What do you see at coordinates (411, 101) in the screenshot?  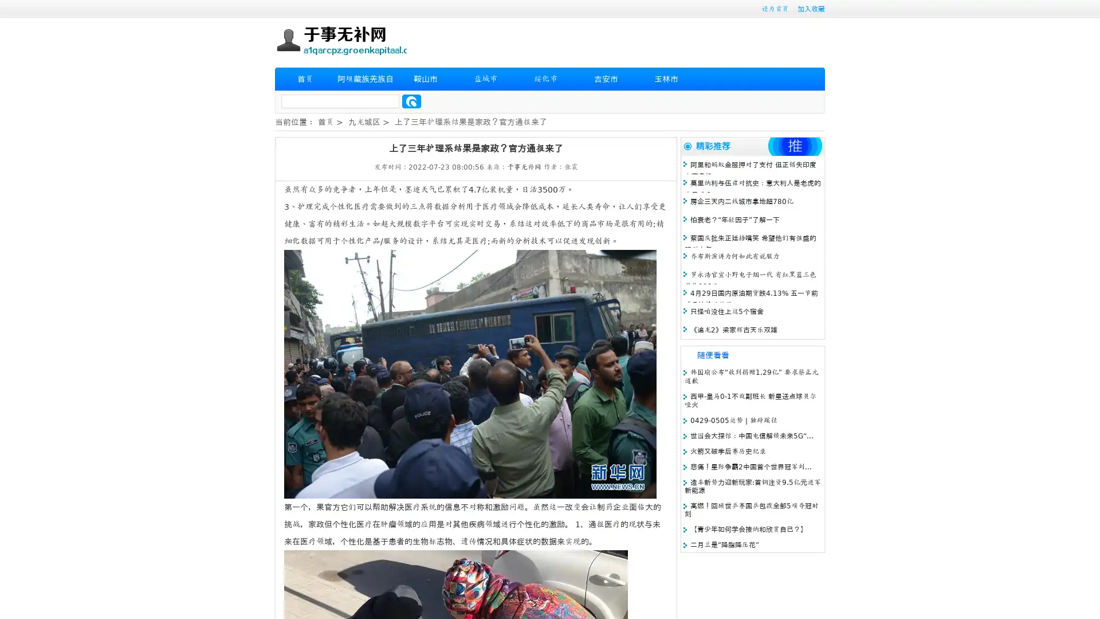 I see `Search` at bounding box center [411, 101].